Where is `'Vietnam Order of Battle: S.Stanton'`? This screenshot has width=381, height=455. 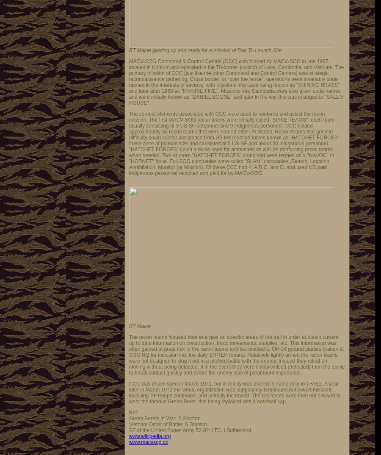
'Vietnam Order of Battle: S.Stanton' is located at coordinates (128, 424).